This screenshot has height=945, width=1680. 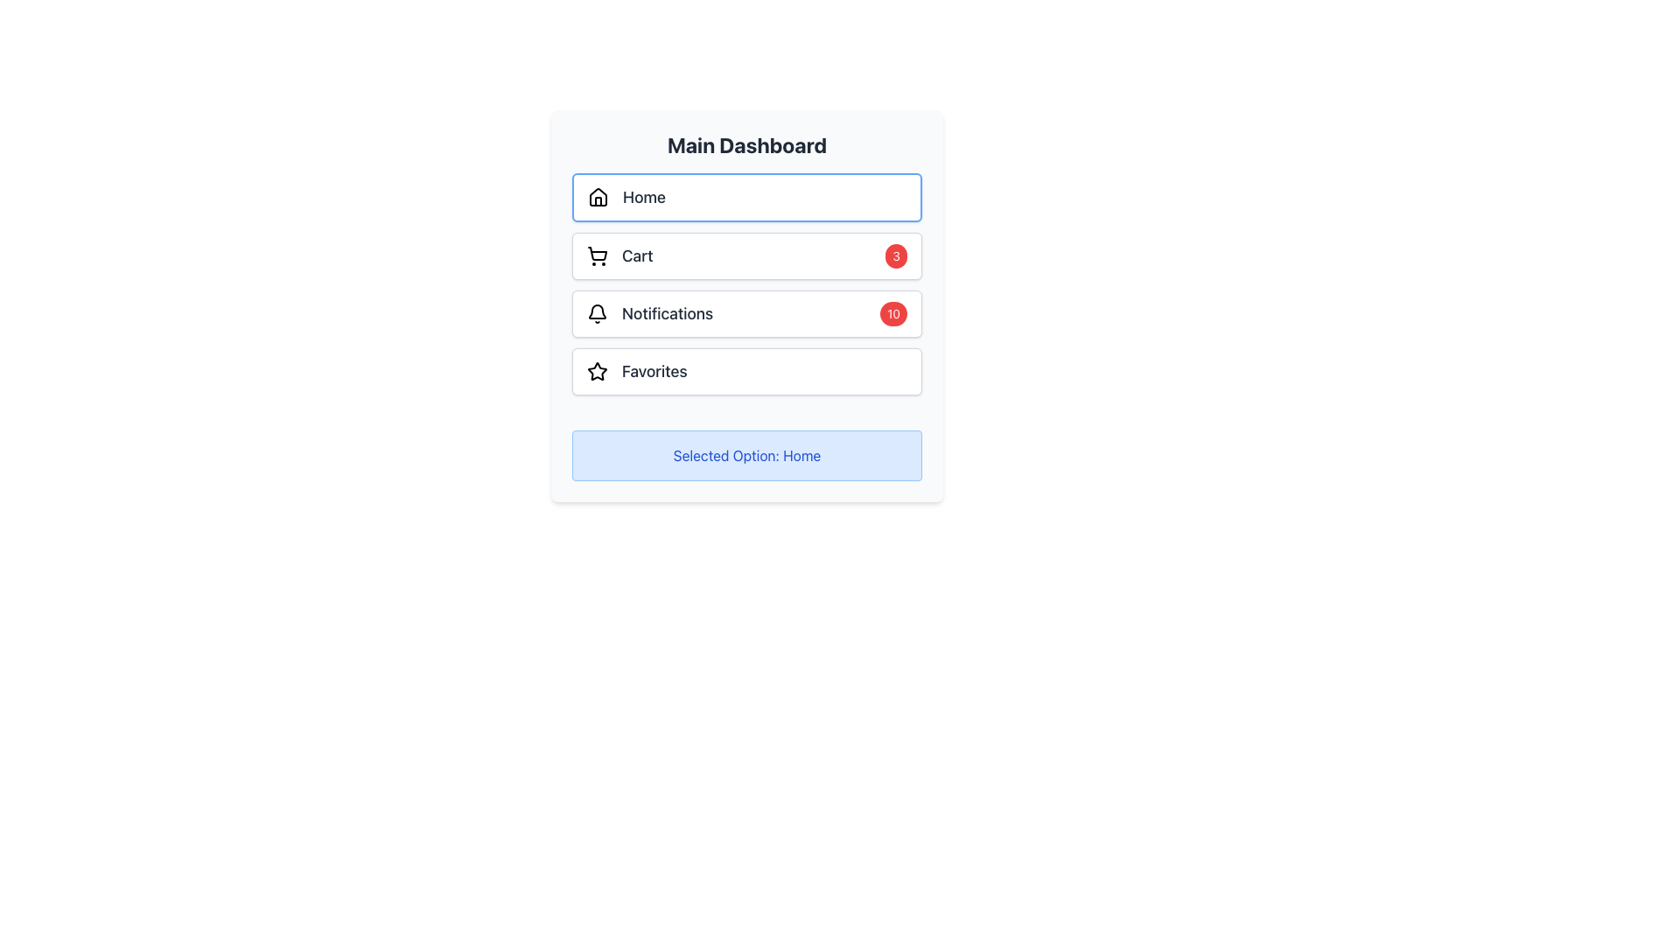 What do you see at coordinates (597, 370) in the screenshot?
I see `the star-shaped icon outlined in black with a white fill, located to the left of the 'Favorites' menu entry in the vertical menu list` at bounding box center [597, 370].